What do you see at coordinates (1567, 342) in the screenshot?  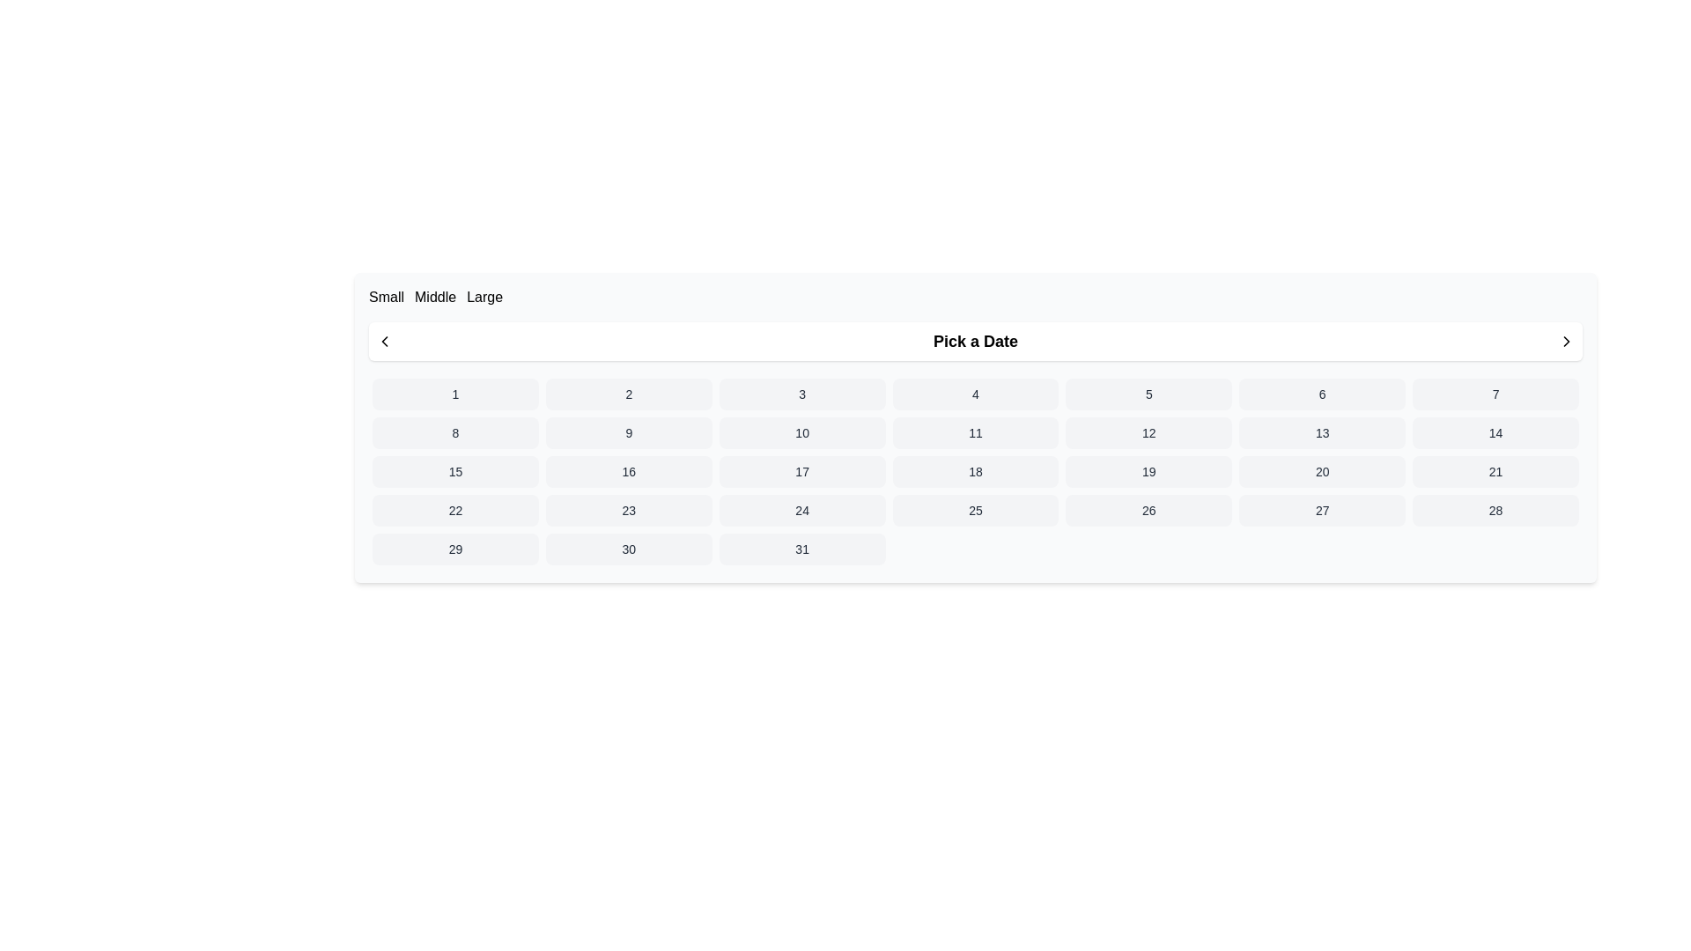 I see `the rightward-facing chevron icon located at the far right side of the 'Pick a Date' header section` at bounding box center [1567, 342].